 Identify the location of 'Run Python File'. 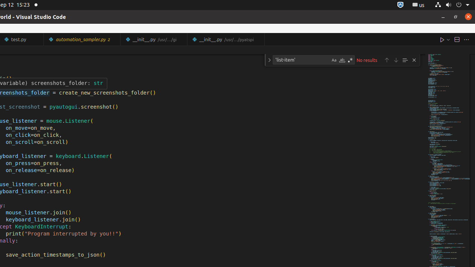
(442, 39).